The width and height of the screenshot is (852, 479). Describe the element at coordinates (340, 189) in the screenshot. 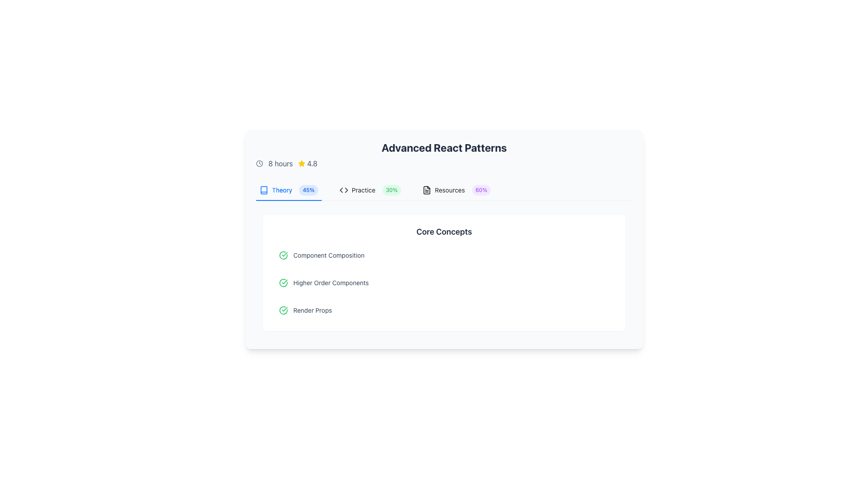

I see `leftward-facing chevron triangular marker within the code symbol icon using developer tools` at that location.